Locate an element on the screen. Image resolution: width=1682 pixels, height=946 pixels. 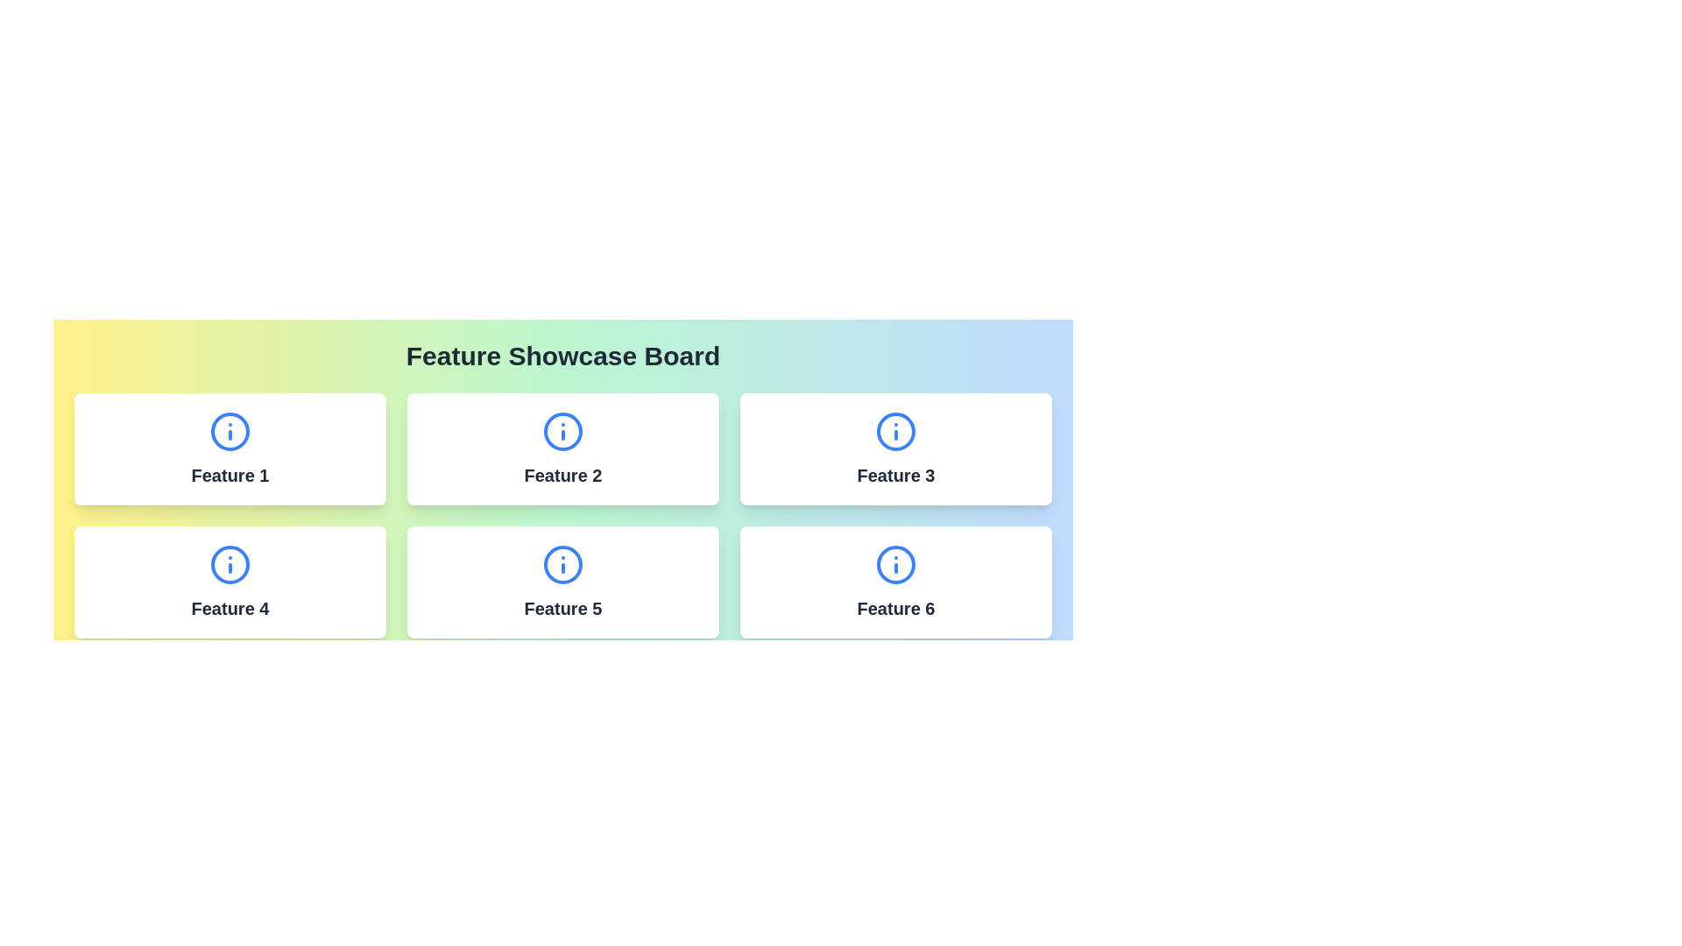
the circular SVG shape with a blue outline that is part of the 'Feature 1' icon in the top-left of a 2x3 grid layout is located at coordinates (230, 432).